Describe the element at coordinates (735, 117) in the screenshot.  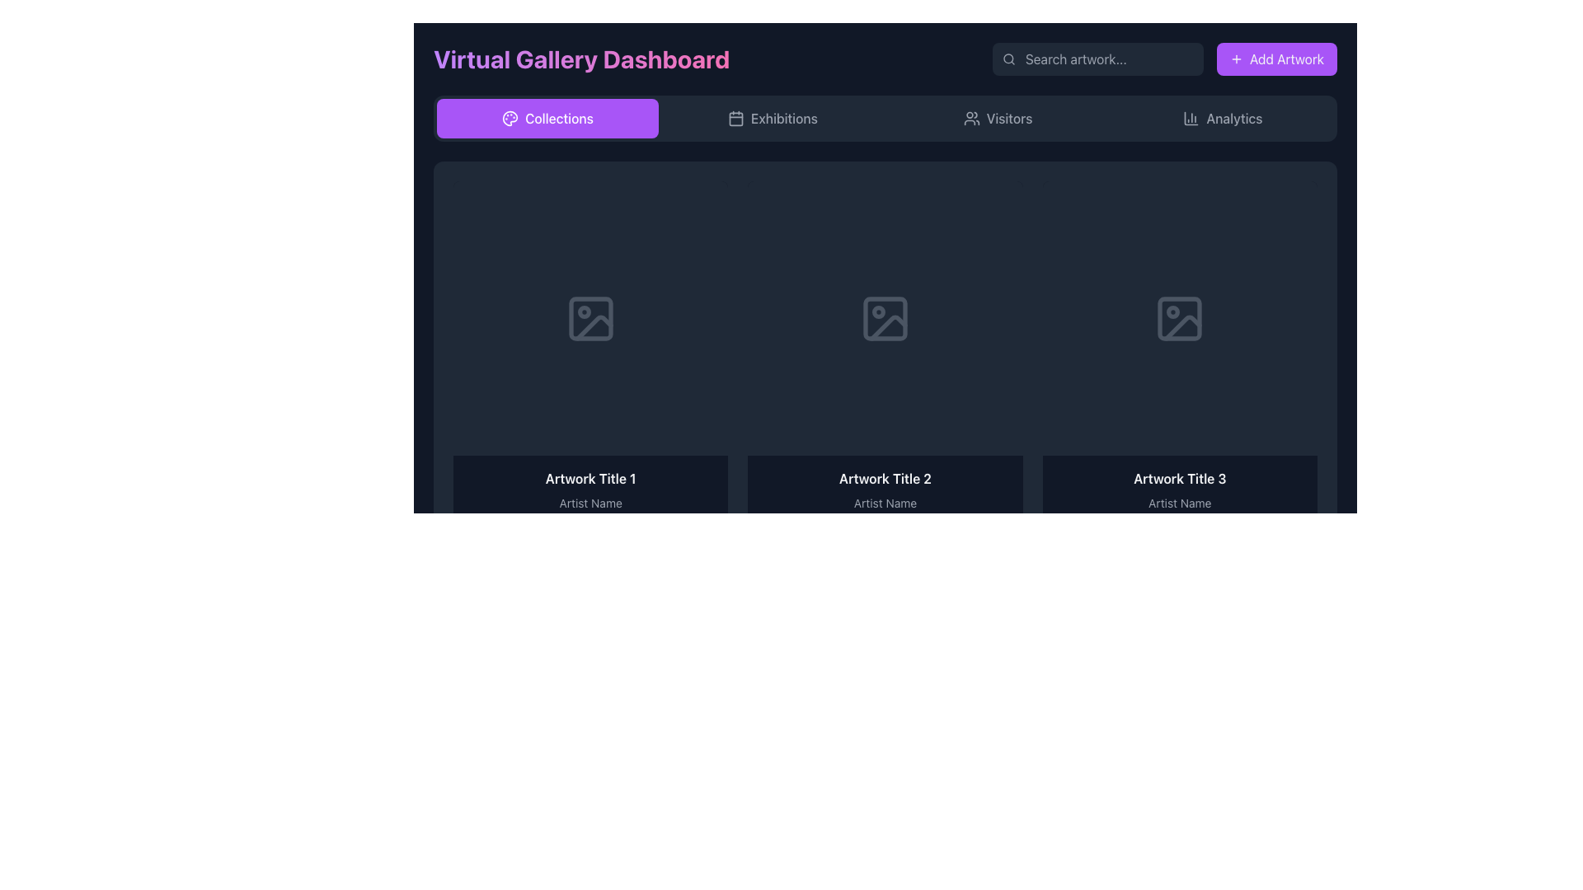
I see `the 'Exhibitions' button which contains the calendar icon to initiate interaction` at that location.